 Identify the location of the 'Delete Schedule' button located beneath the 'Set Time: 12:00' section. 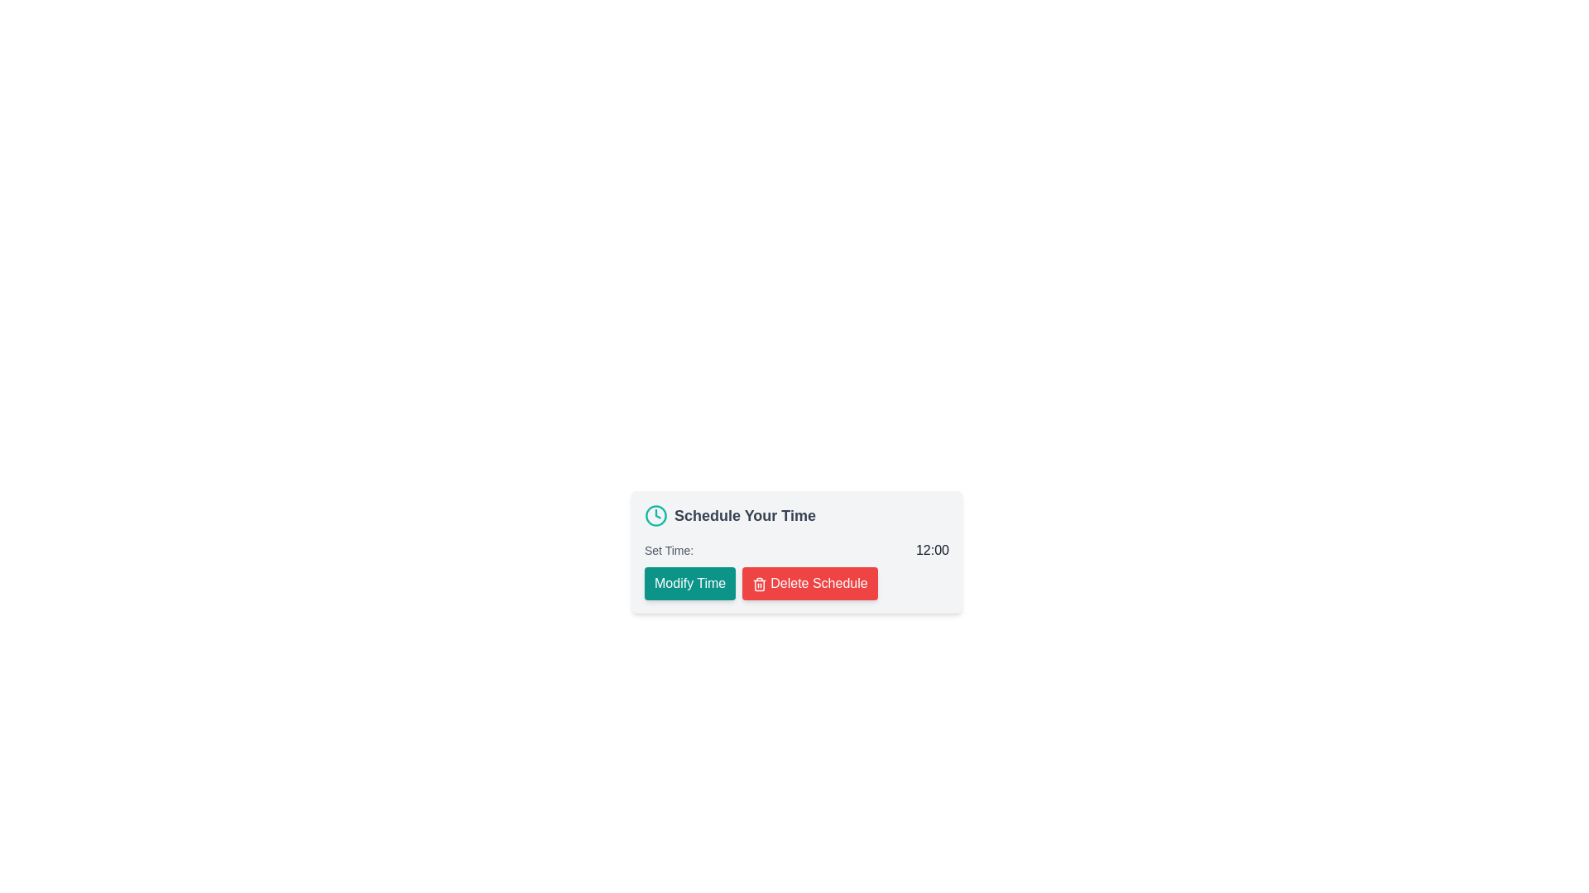
(797, 582).